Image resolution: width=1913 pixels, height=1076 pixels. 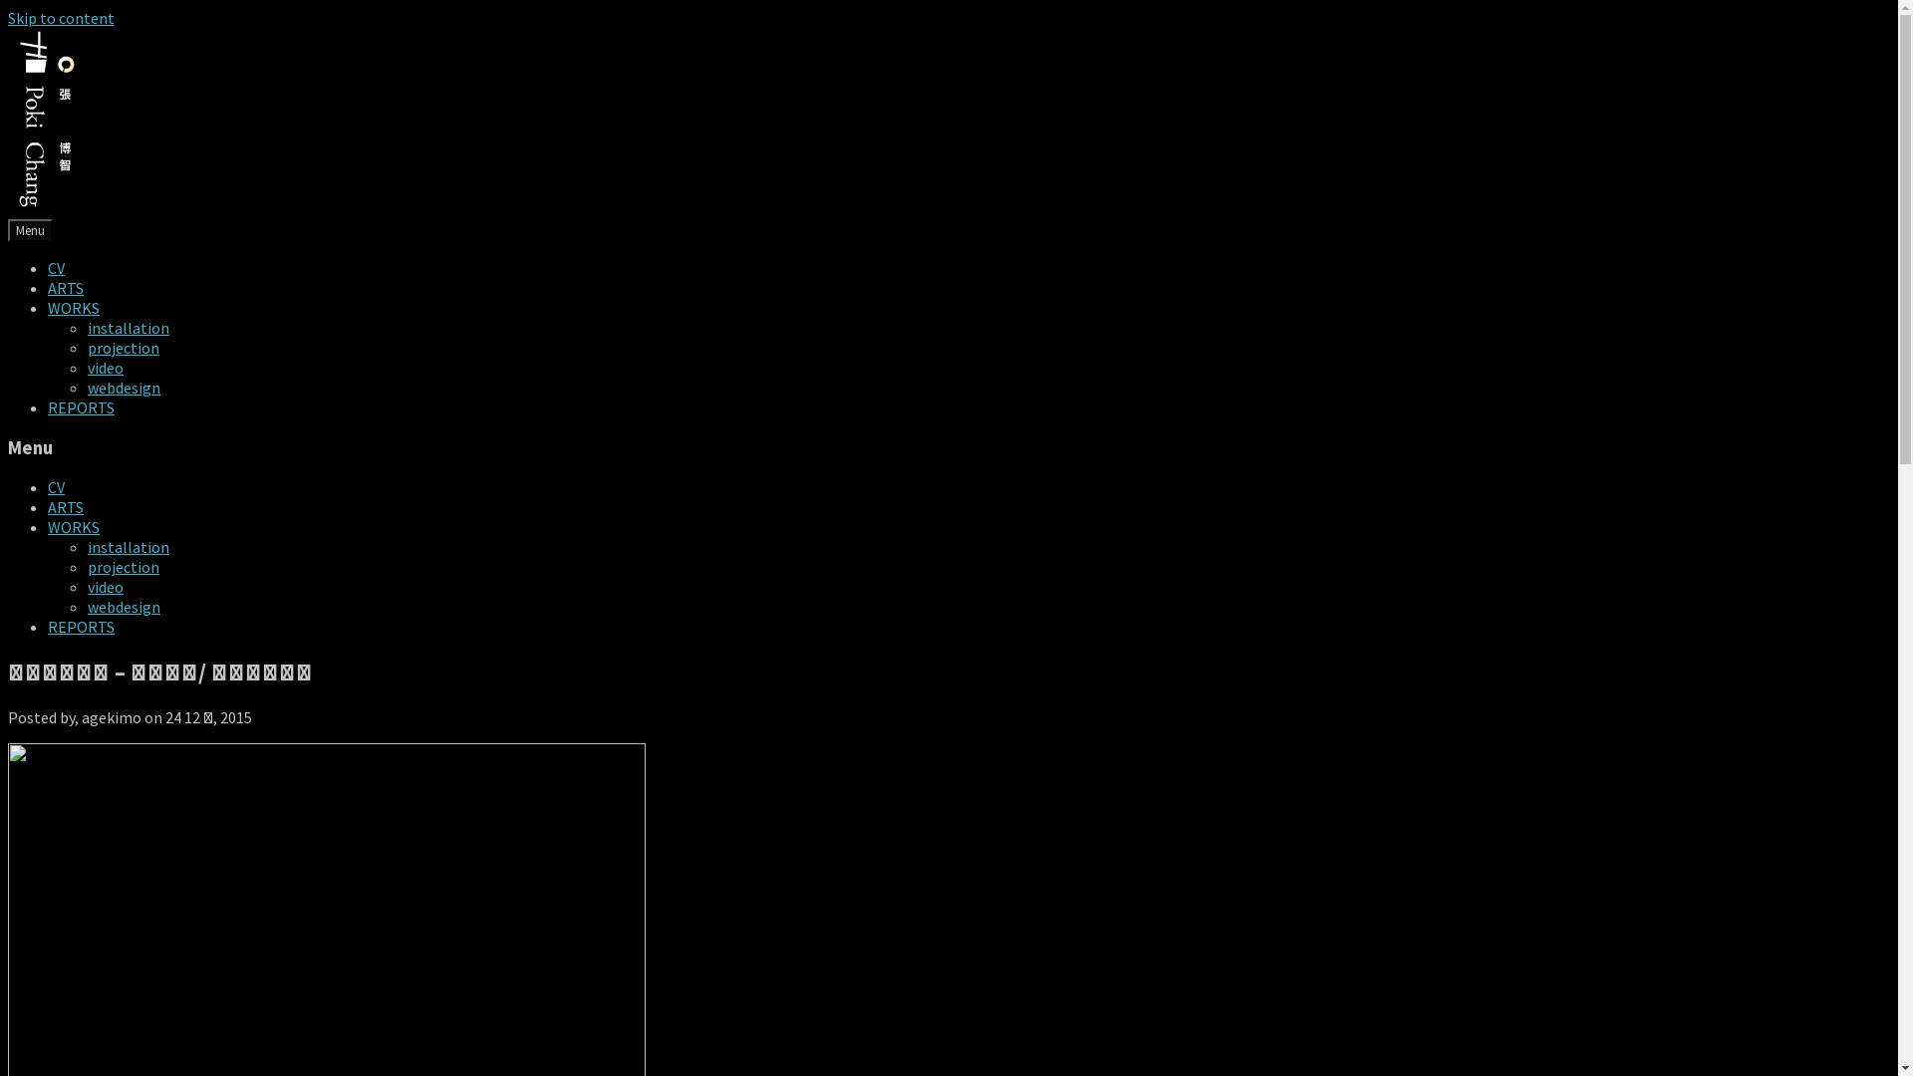 What do you see at coordinates (128, 326) in the screenshot?
I see `'installation'` at bounding box center [128, 326].